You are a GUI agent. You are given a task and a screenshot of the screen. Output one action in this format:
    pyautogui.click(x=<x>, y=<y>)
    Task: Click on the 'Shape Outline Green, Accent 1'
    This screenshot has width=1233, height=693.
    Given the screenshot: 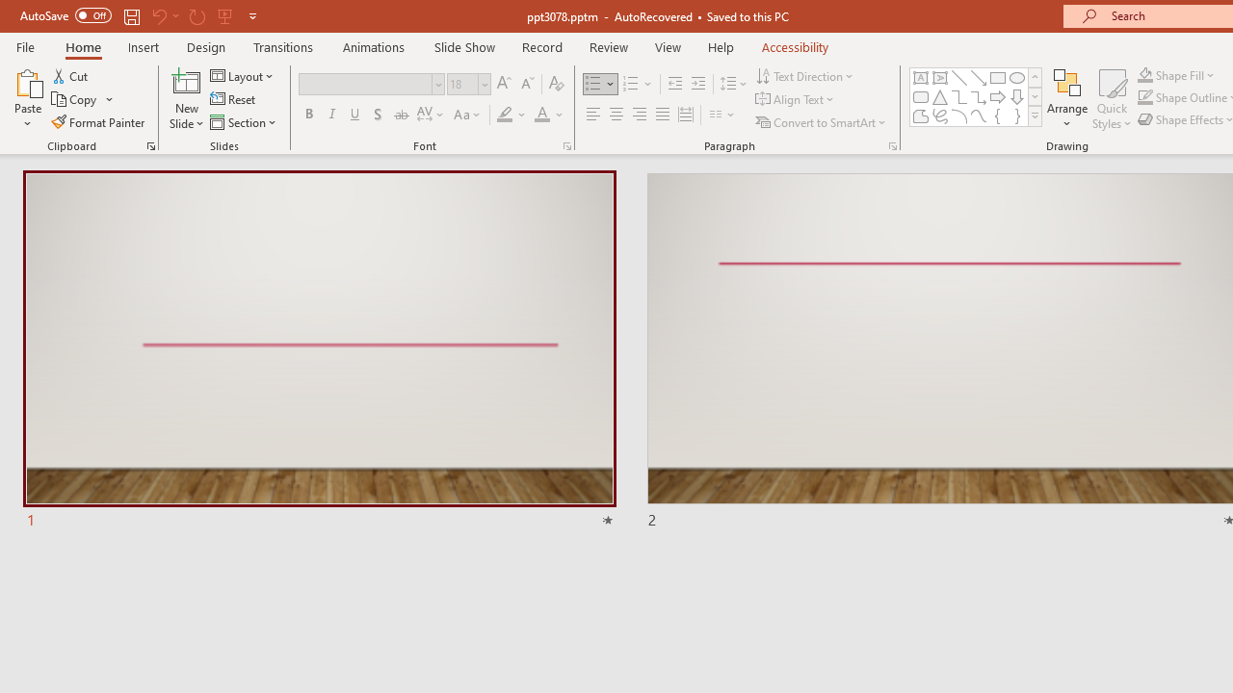 What is the action you would take?
    pyautogui.click(x=1145, y=97)
    